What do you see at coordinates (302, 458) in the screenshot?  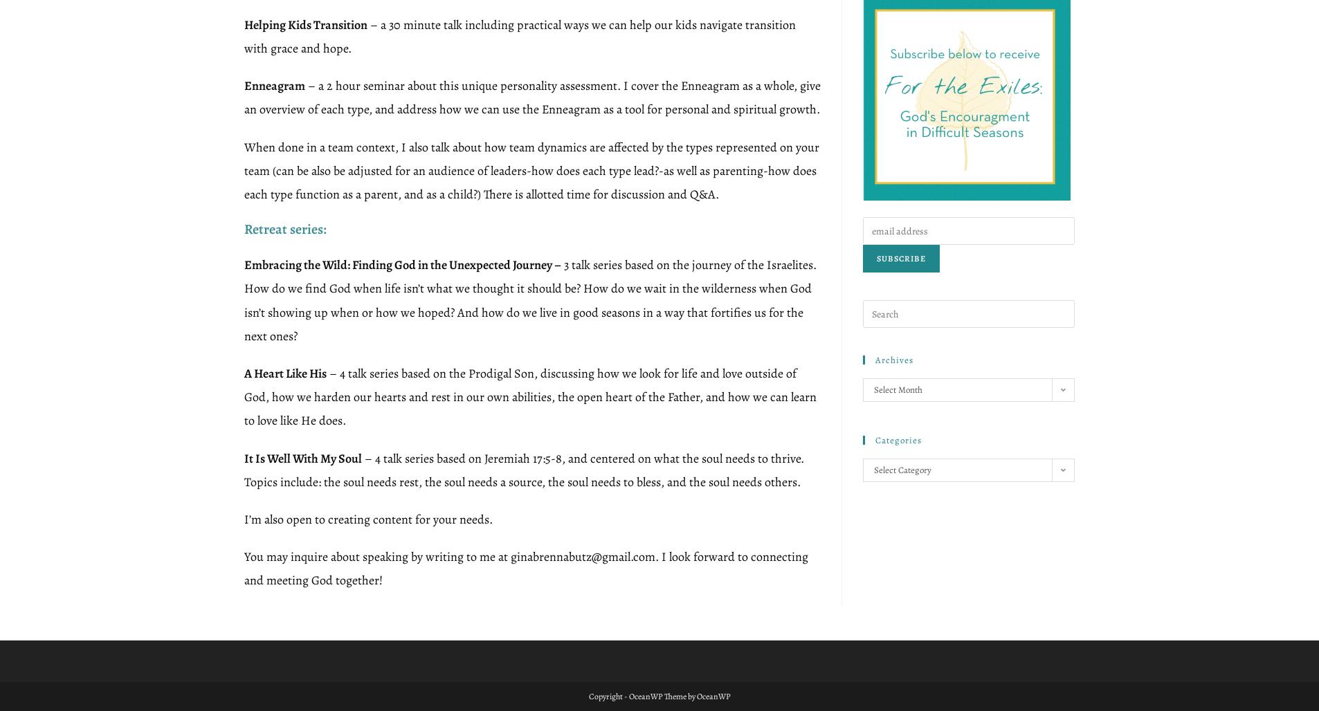 I see `'It Is Well With My Soul'` at bounding box center [302, 458].